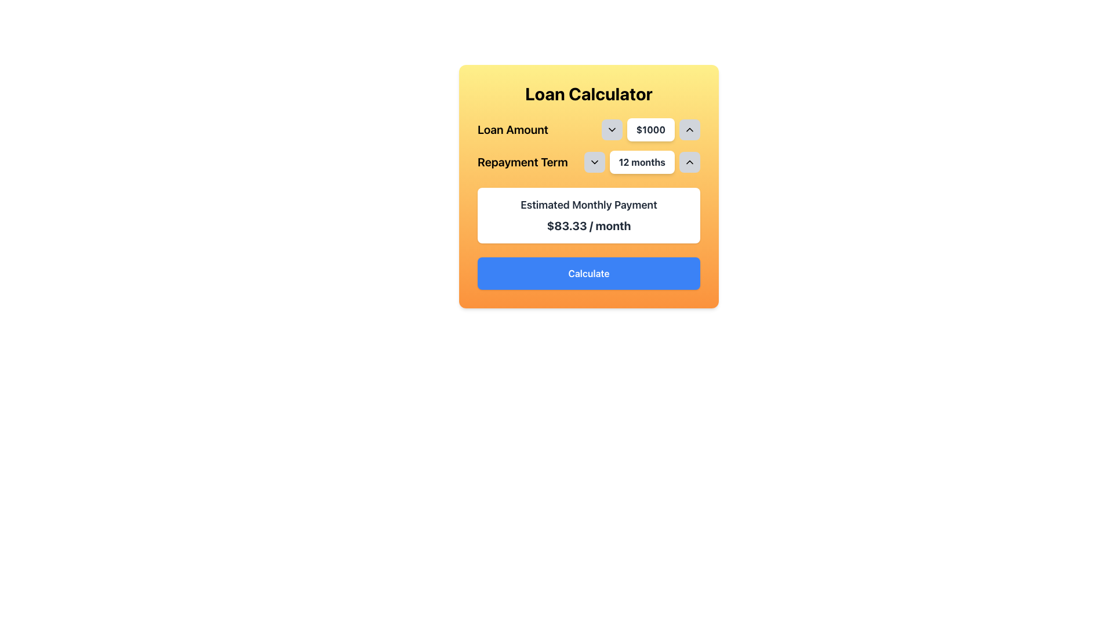 This screenshot has height=626, width=1113. Describe the element at coordinates (594, 162) in the screenshot. I see `the dropdown menu trigger button located to the left of the '12 months' text in the 'Repayment Term' section to observe hover effects` at that location.